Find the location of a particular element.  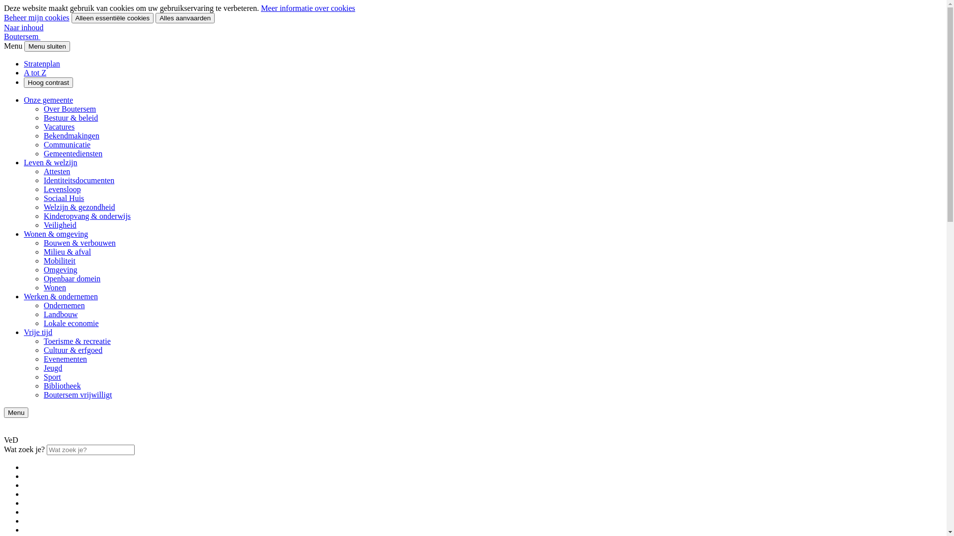

'Toerisme & recreatie' is located at coordinates (77, 340).